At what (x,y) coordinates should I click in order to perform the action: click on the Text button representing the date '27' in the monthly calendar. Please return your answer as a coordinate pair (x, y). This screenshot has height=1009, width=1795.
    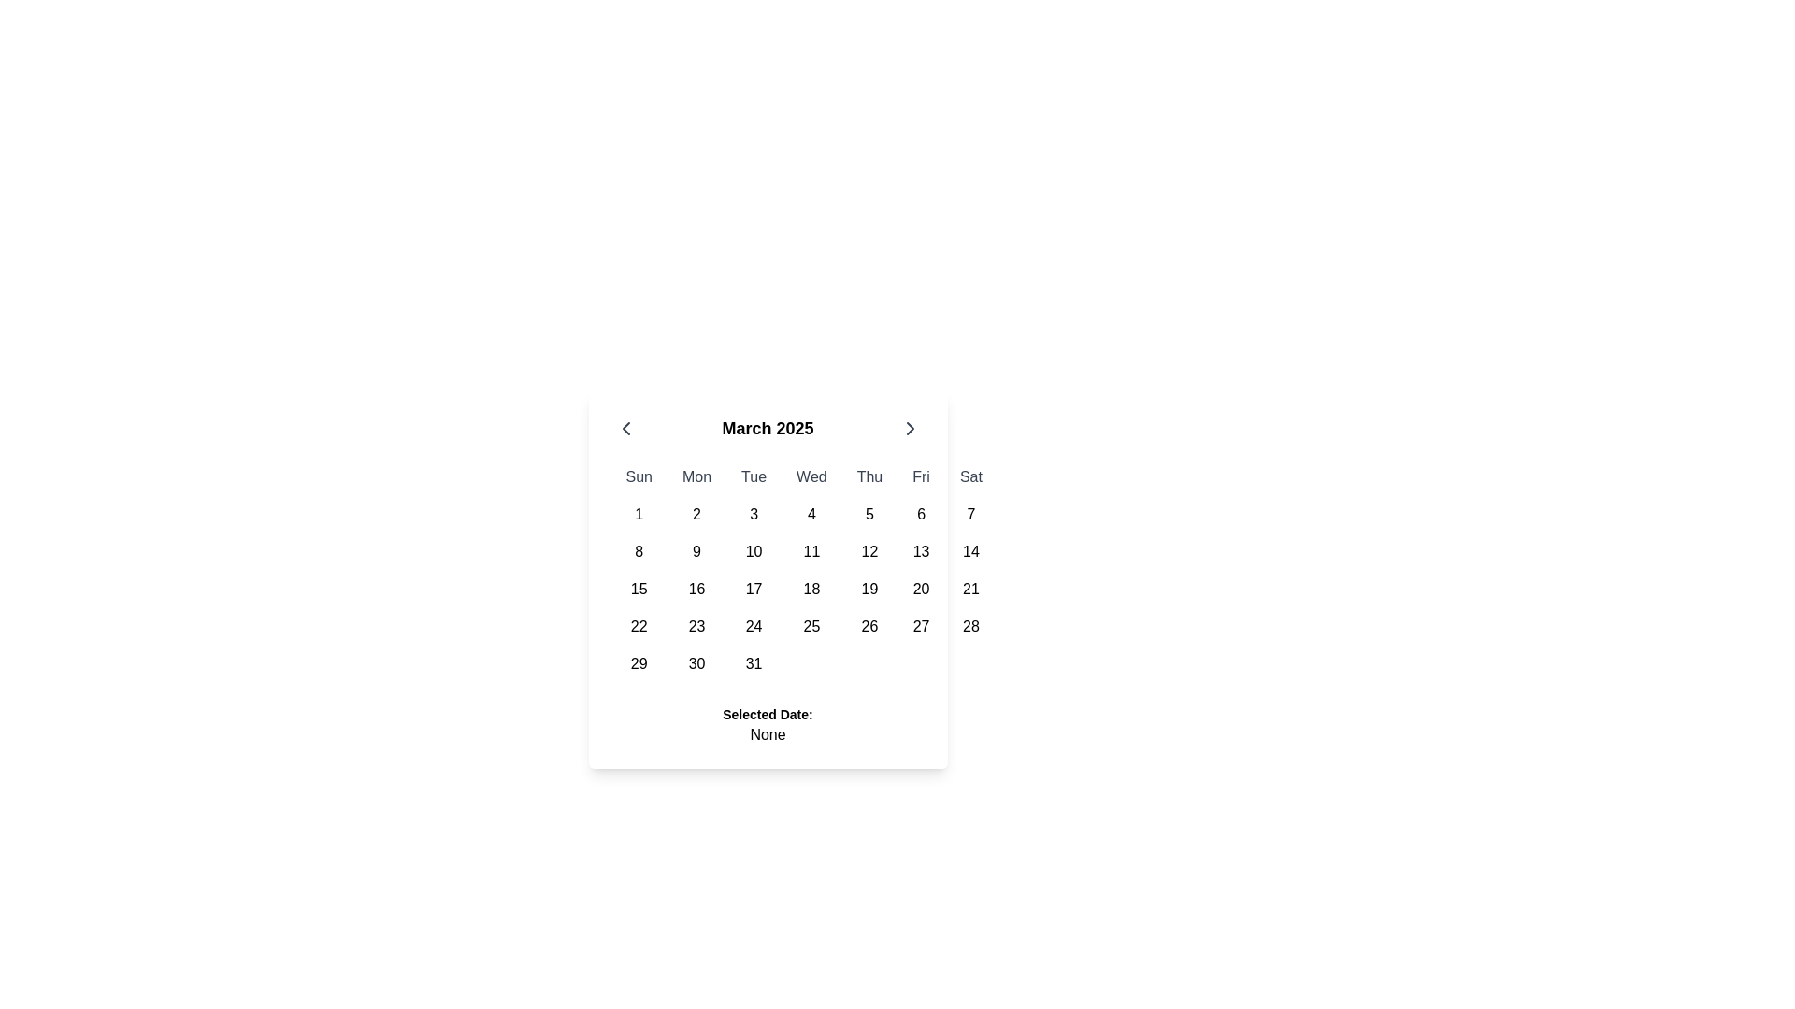
    Looking at the image, I should click on (921, 627).